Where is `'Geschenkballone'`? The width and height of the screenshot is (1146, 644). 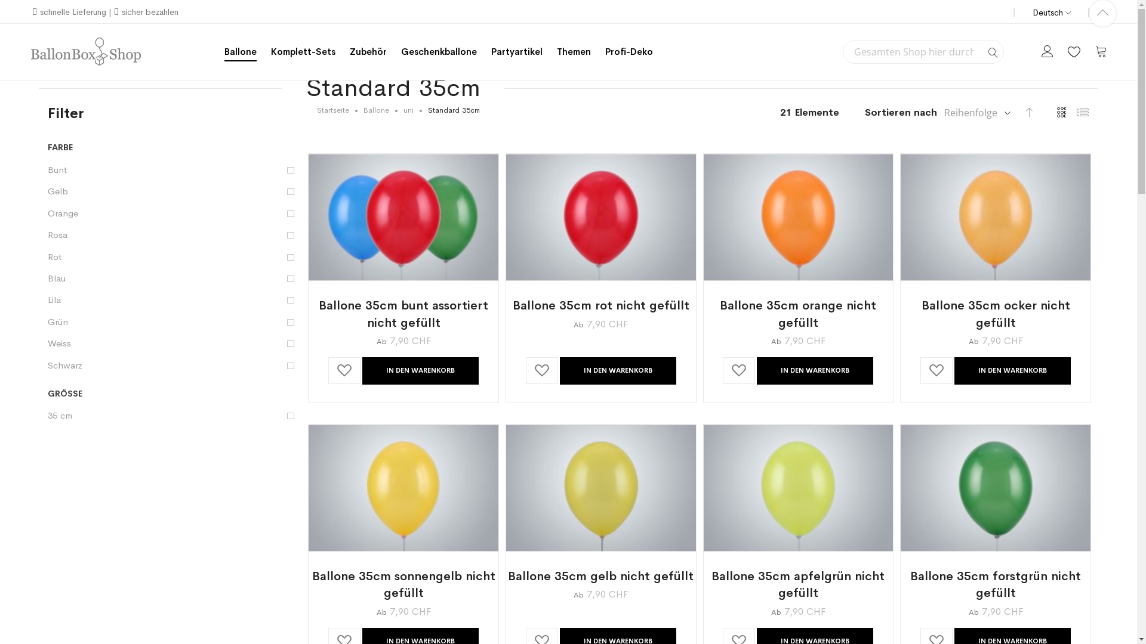 'Geschenkballone' is located at coordinates (438, 51).